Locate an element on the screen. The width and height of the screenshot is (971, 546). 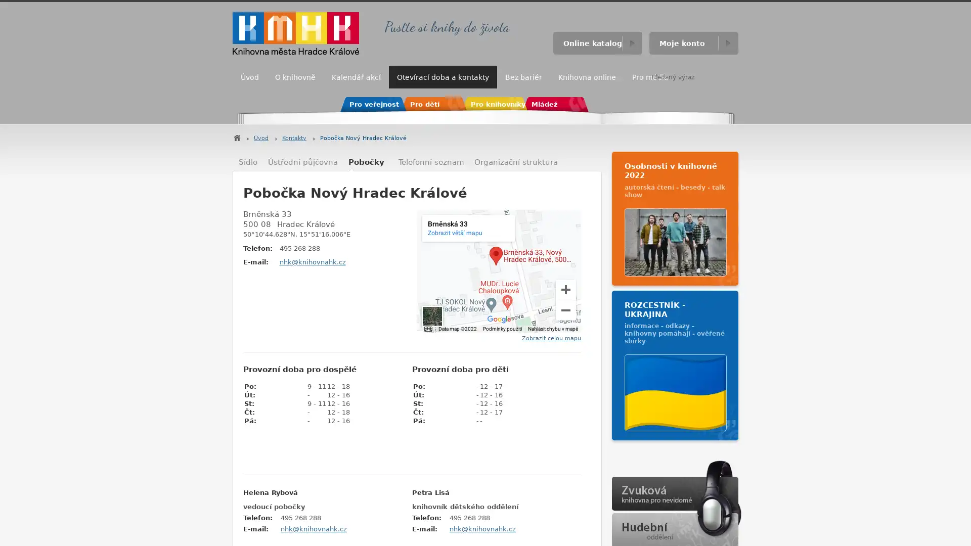
Hledat is located at coordinates (728, 76).